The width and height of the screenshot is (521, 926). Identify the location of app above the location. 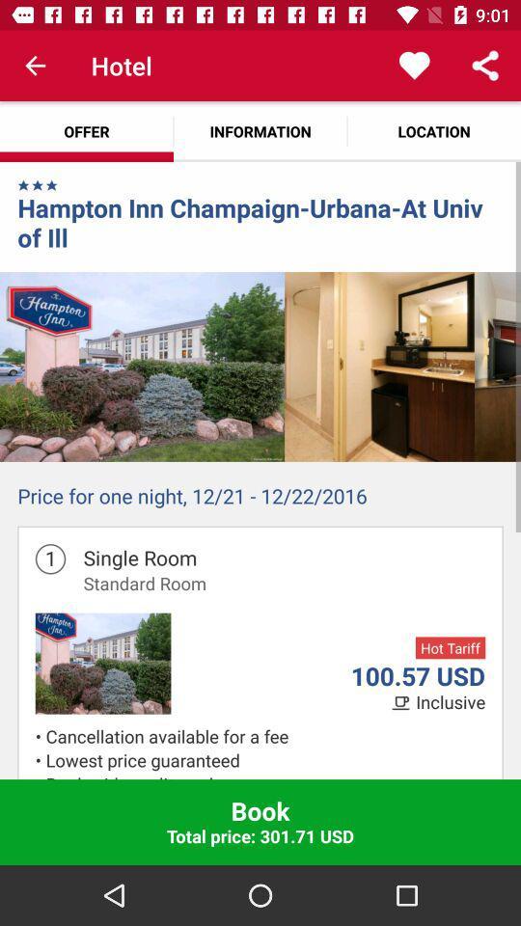
(484, 66).